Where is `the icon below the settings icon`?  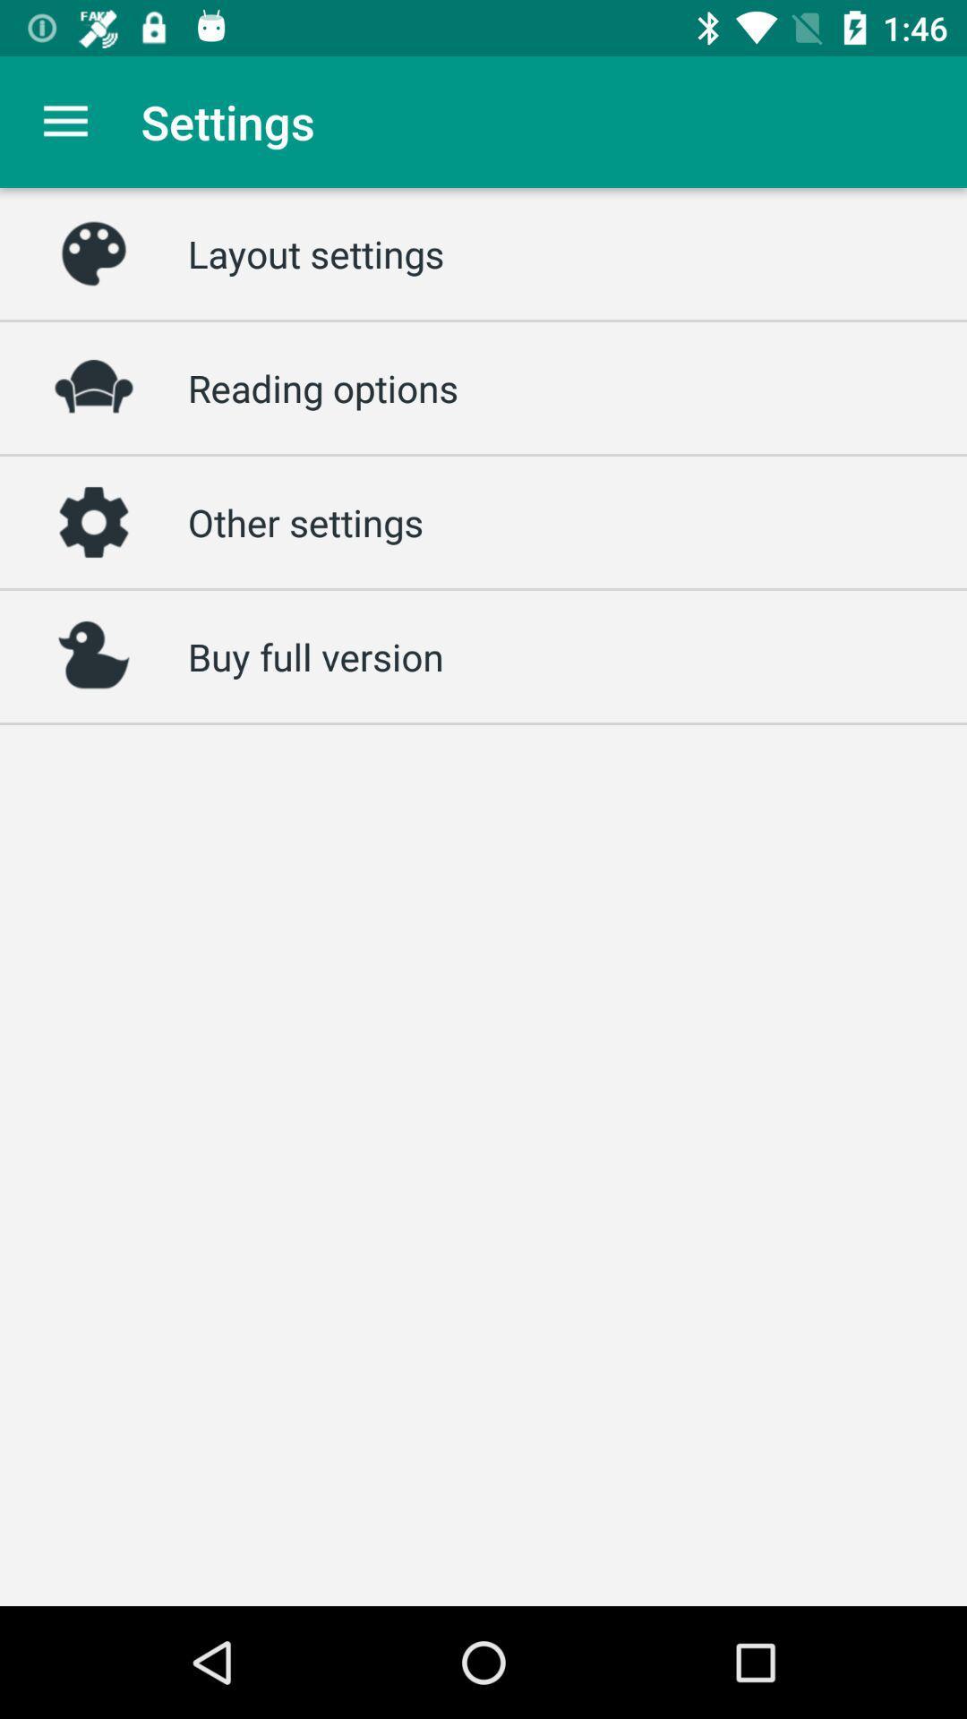
the icon below the settings icon is located at coordinates (315, 252).